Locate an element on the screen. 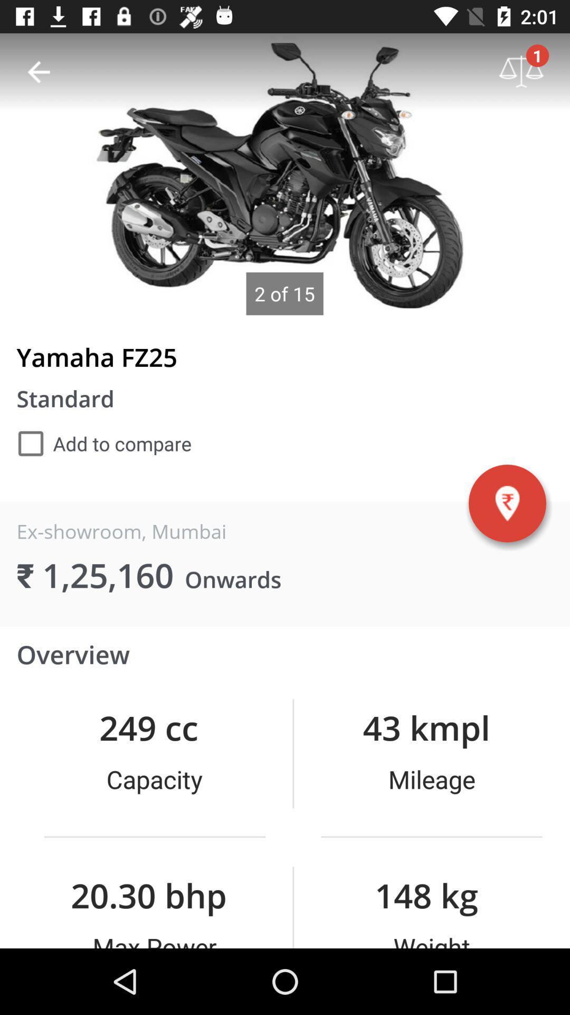 This screenshot has width=570, height=1015. the icon below the standard item is located at coordinates (104, 444).